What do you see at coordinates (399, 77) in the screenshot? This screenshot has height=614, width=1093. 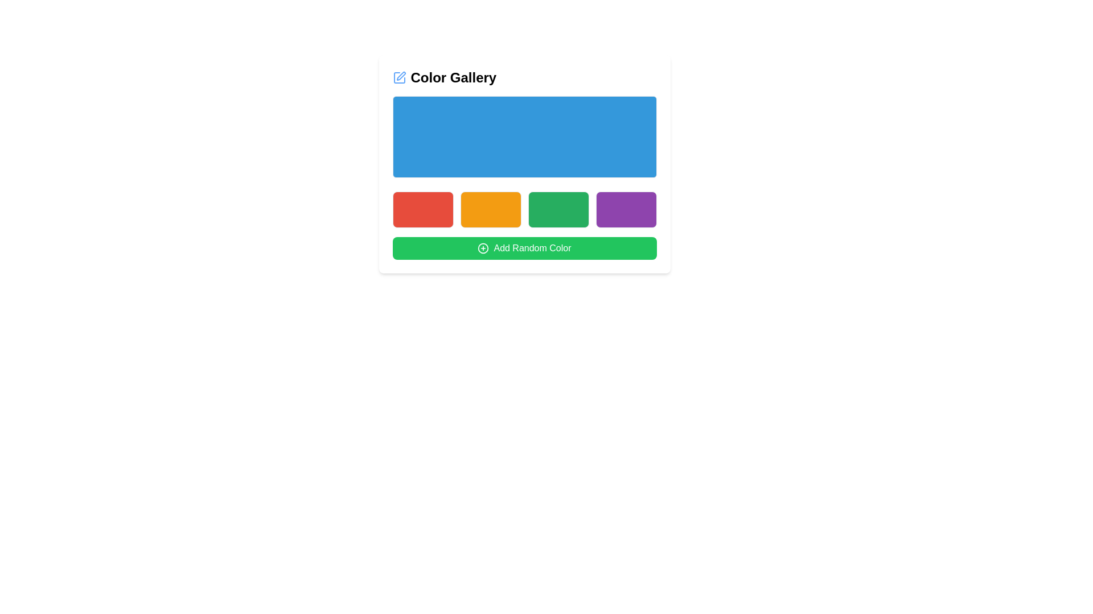 I see `the pen-like icon located in the top-left corner of the interface, next to the 'Color Gallery' heading` at bounding box center [399, 77].